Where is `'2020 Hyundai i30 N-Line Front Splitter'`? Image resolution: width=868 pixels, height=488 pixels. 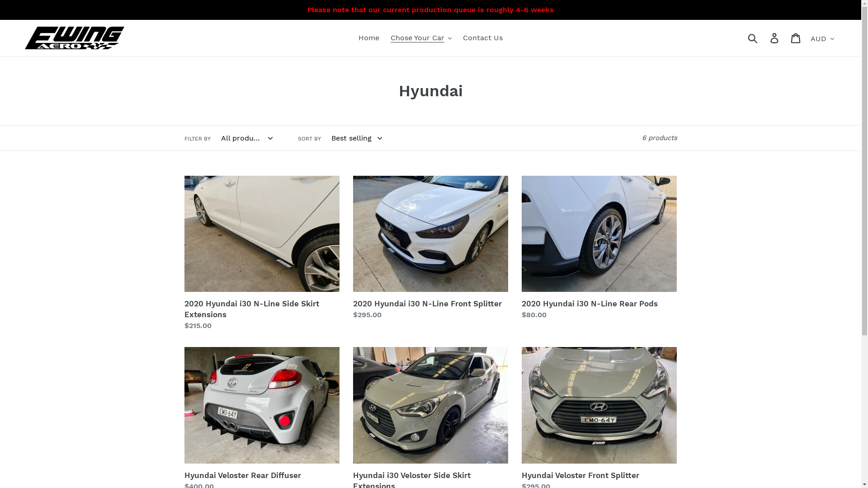 '2020 Hyundai i30 N-Line Front Splitter' is located at coordinates (430, 248).